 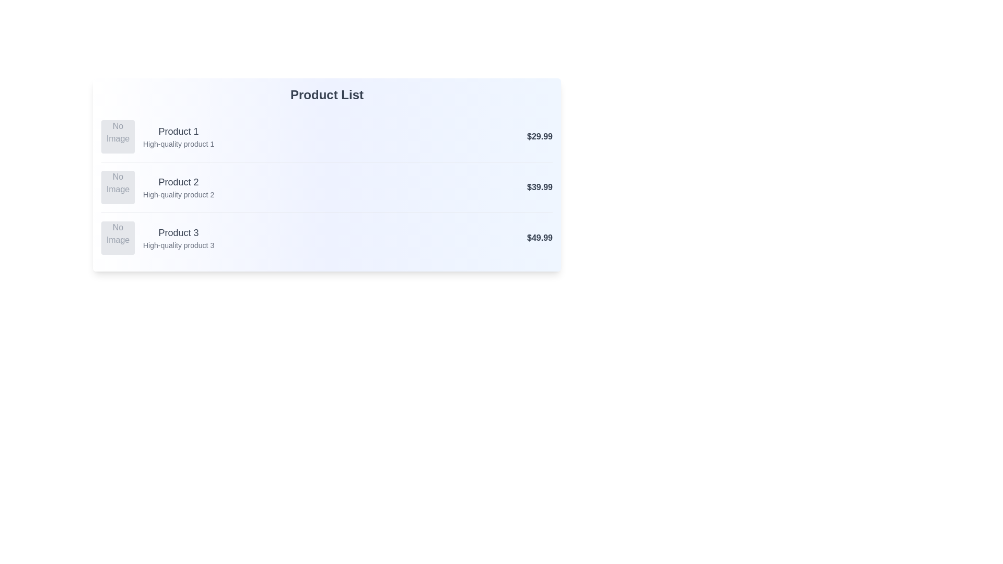 I want to click on the price of Product 3 to examine its details, so click(x=540, y=238).